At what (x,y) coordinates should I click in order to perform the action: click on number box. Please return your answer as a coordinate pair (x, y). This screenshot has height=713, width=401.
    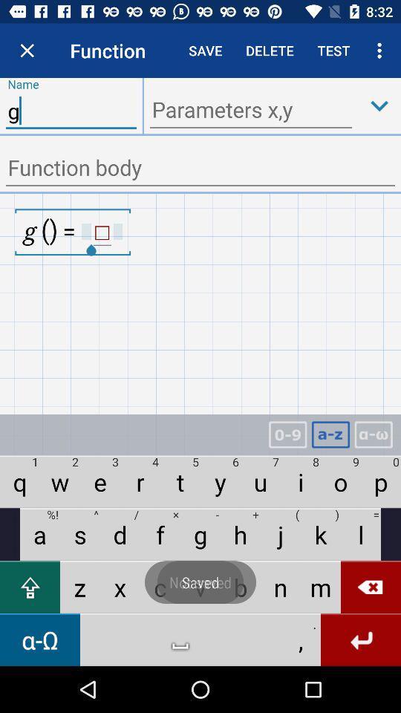
    Looking at the image, I should click on (287, 434).